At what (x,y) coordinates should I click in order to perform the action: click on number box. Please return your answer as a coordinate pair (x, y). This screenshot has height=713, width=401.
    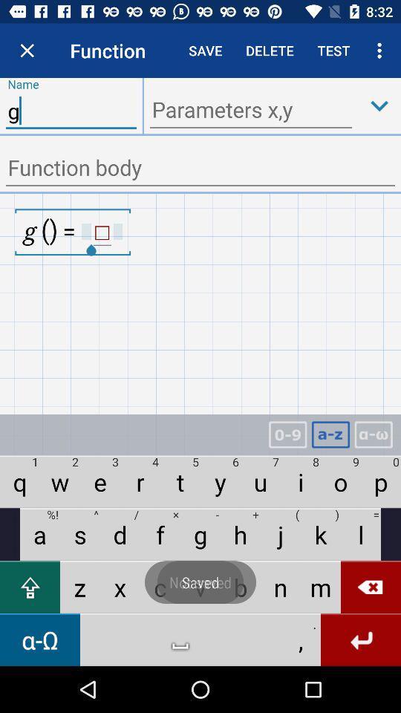
    Looking at the image, I should click on (287, 434).